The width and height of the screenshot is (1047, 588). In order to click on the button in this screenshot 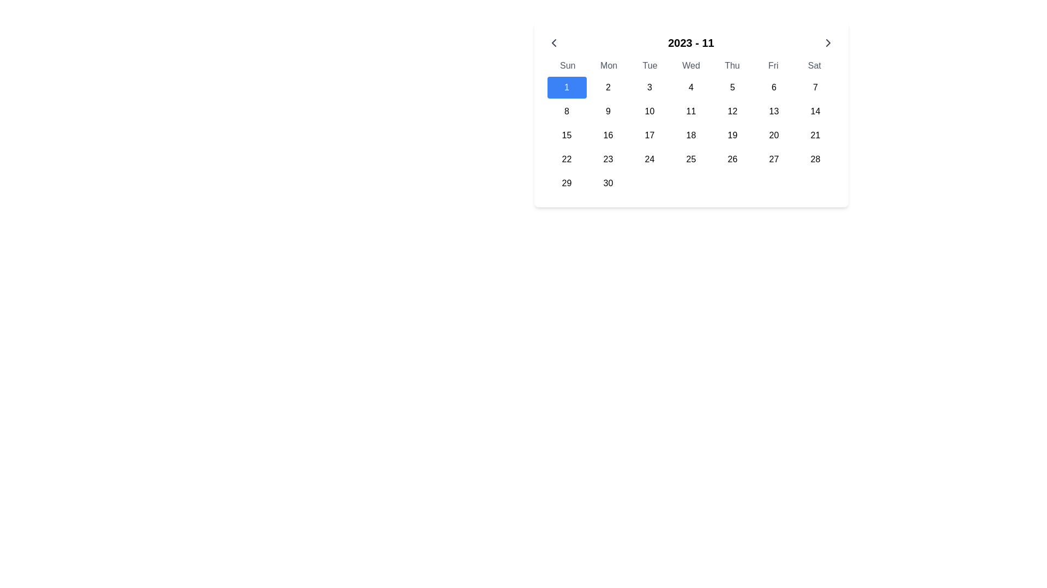, I will do `click(553, 42)`.